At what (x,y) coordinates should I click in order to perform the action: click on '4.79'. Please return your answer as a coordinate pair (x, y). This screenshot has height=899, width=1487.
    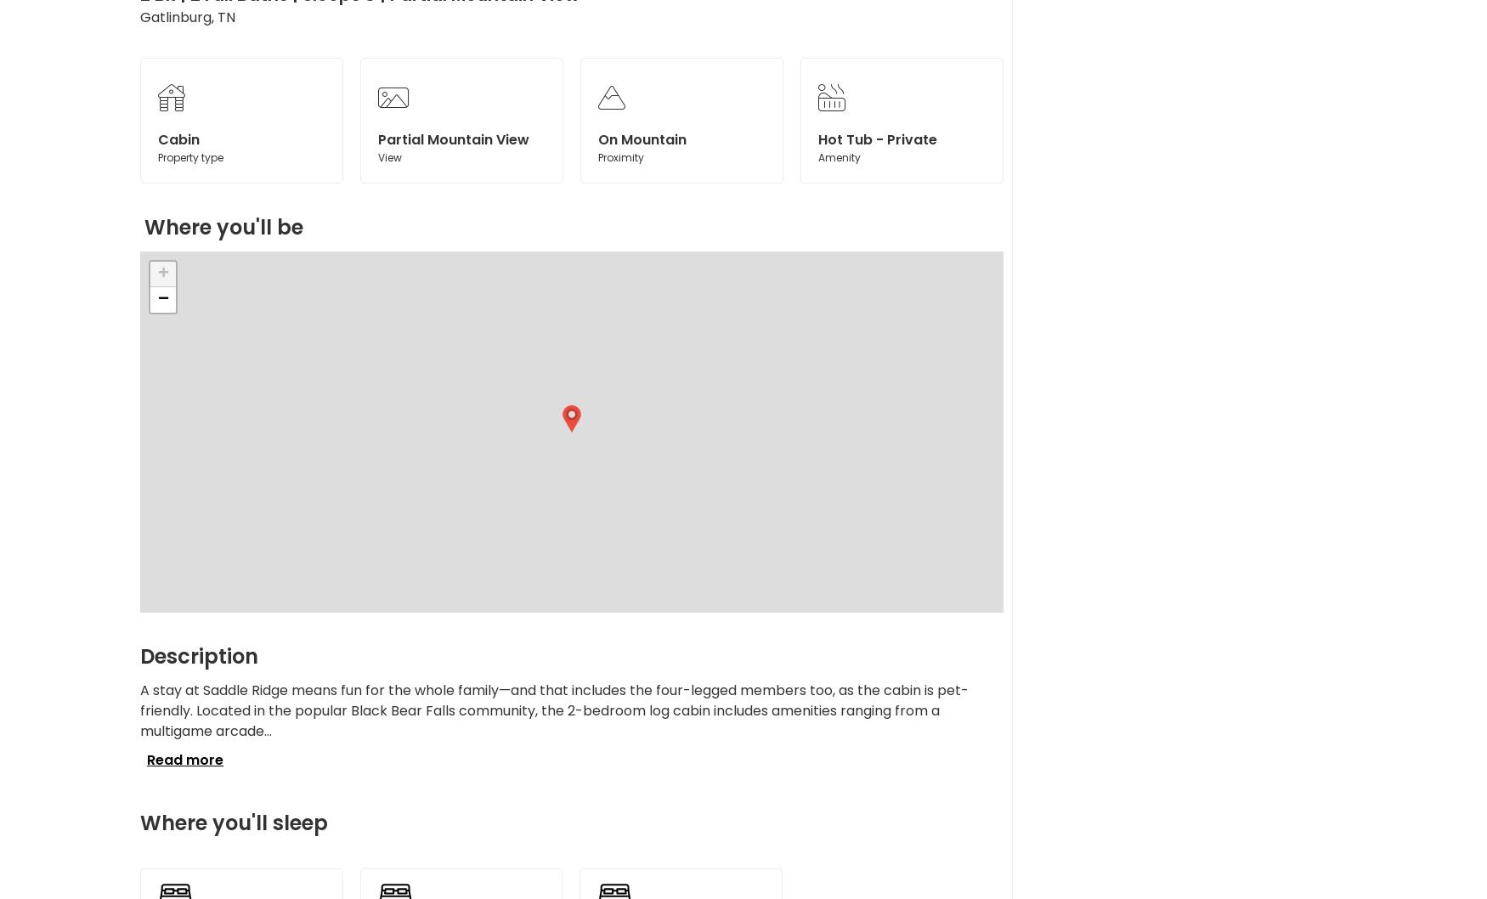
    Looking at the image, I should click on (672, 189).